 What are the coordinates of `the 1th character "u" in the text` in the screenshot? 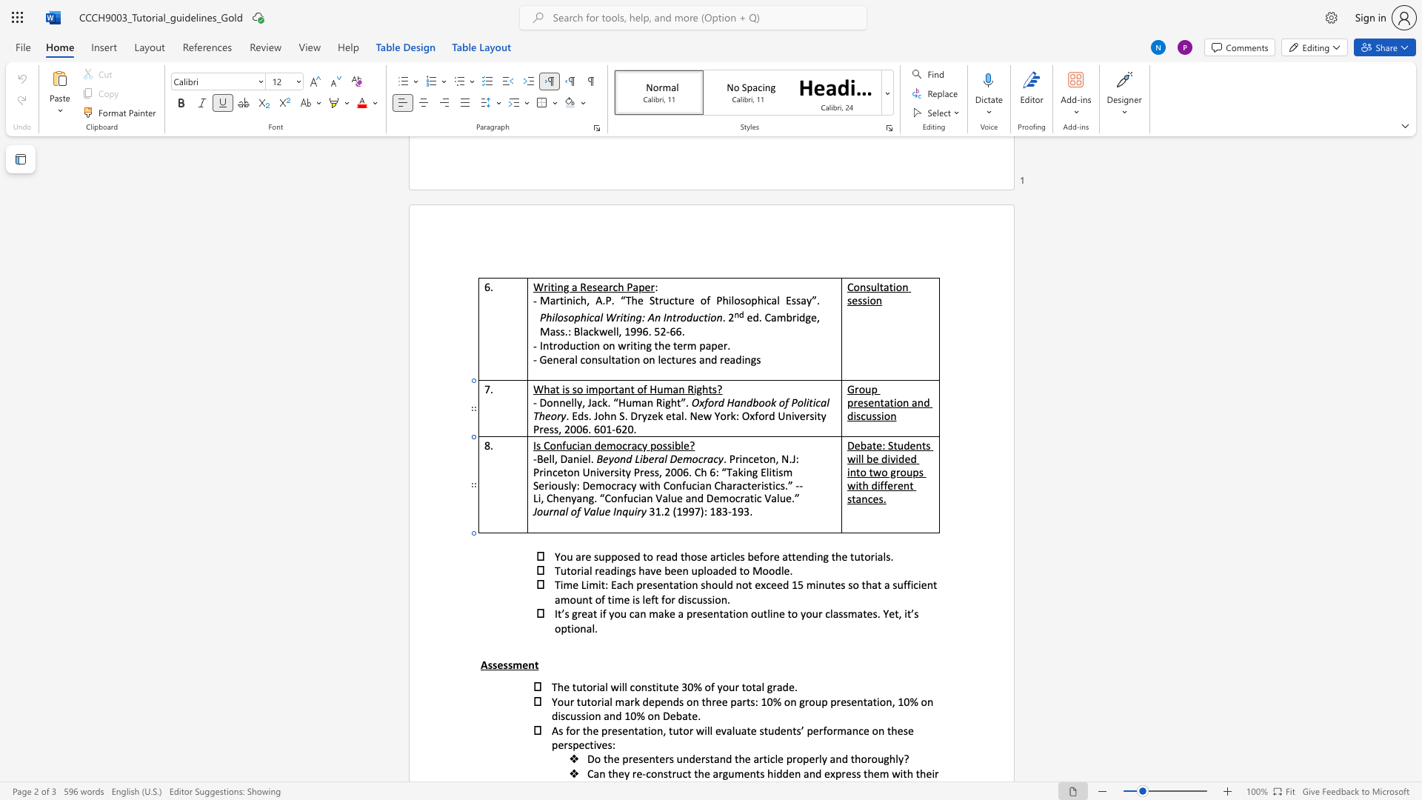 It's located at (563, 570).